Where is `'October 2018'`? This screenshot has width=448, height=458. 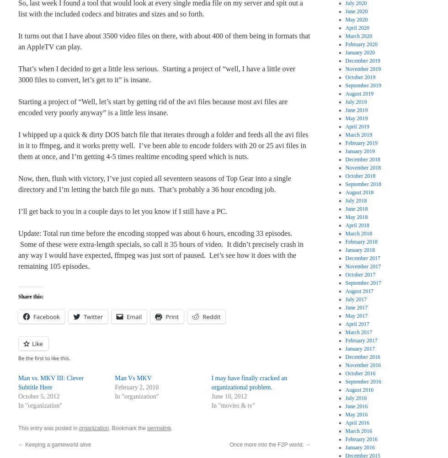 'October 2018' is located at coordinates (360, 176).